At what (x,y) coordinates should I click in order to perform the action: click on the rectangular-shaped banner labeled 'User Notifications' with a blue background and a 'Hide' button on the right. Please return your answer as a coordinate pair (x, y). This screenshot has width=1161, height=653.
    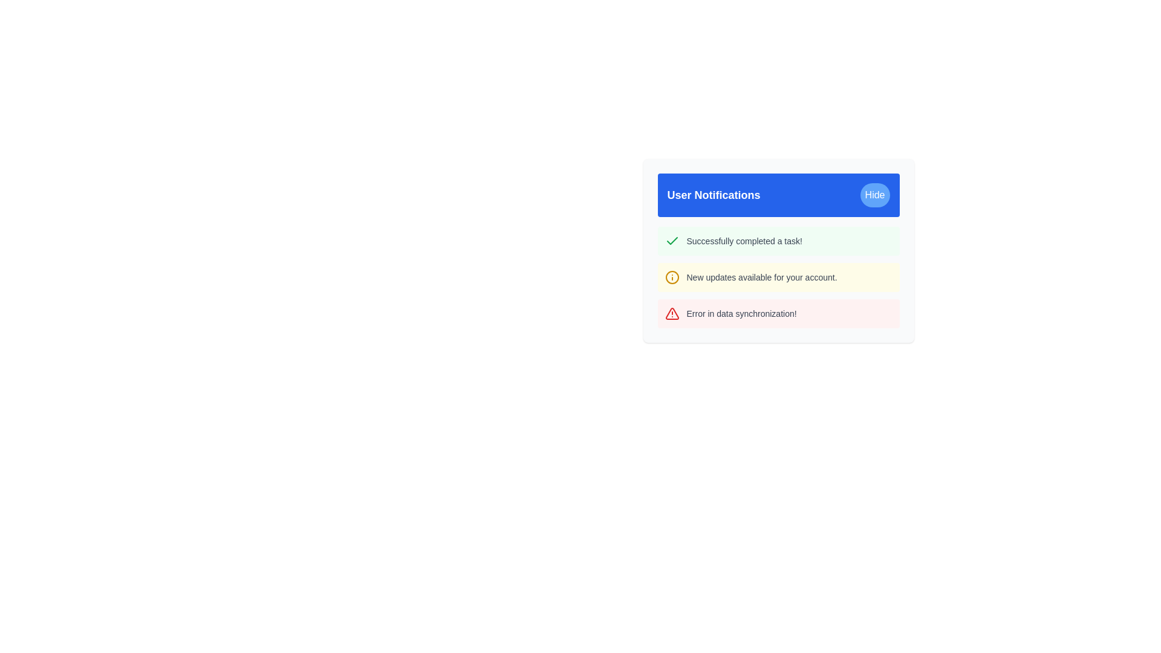
    Looking at the image, I should click on (778, 195).